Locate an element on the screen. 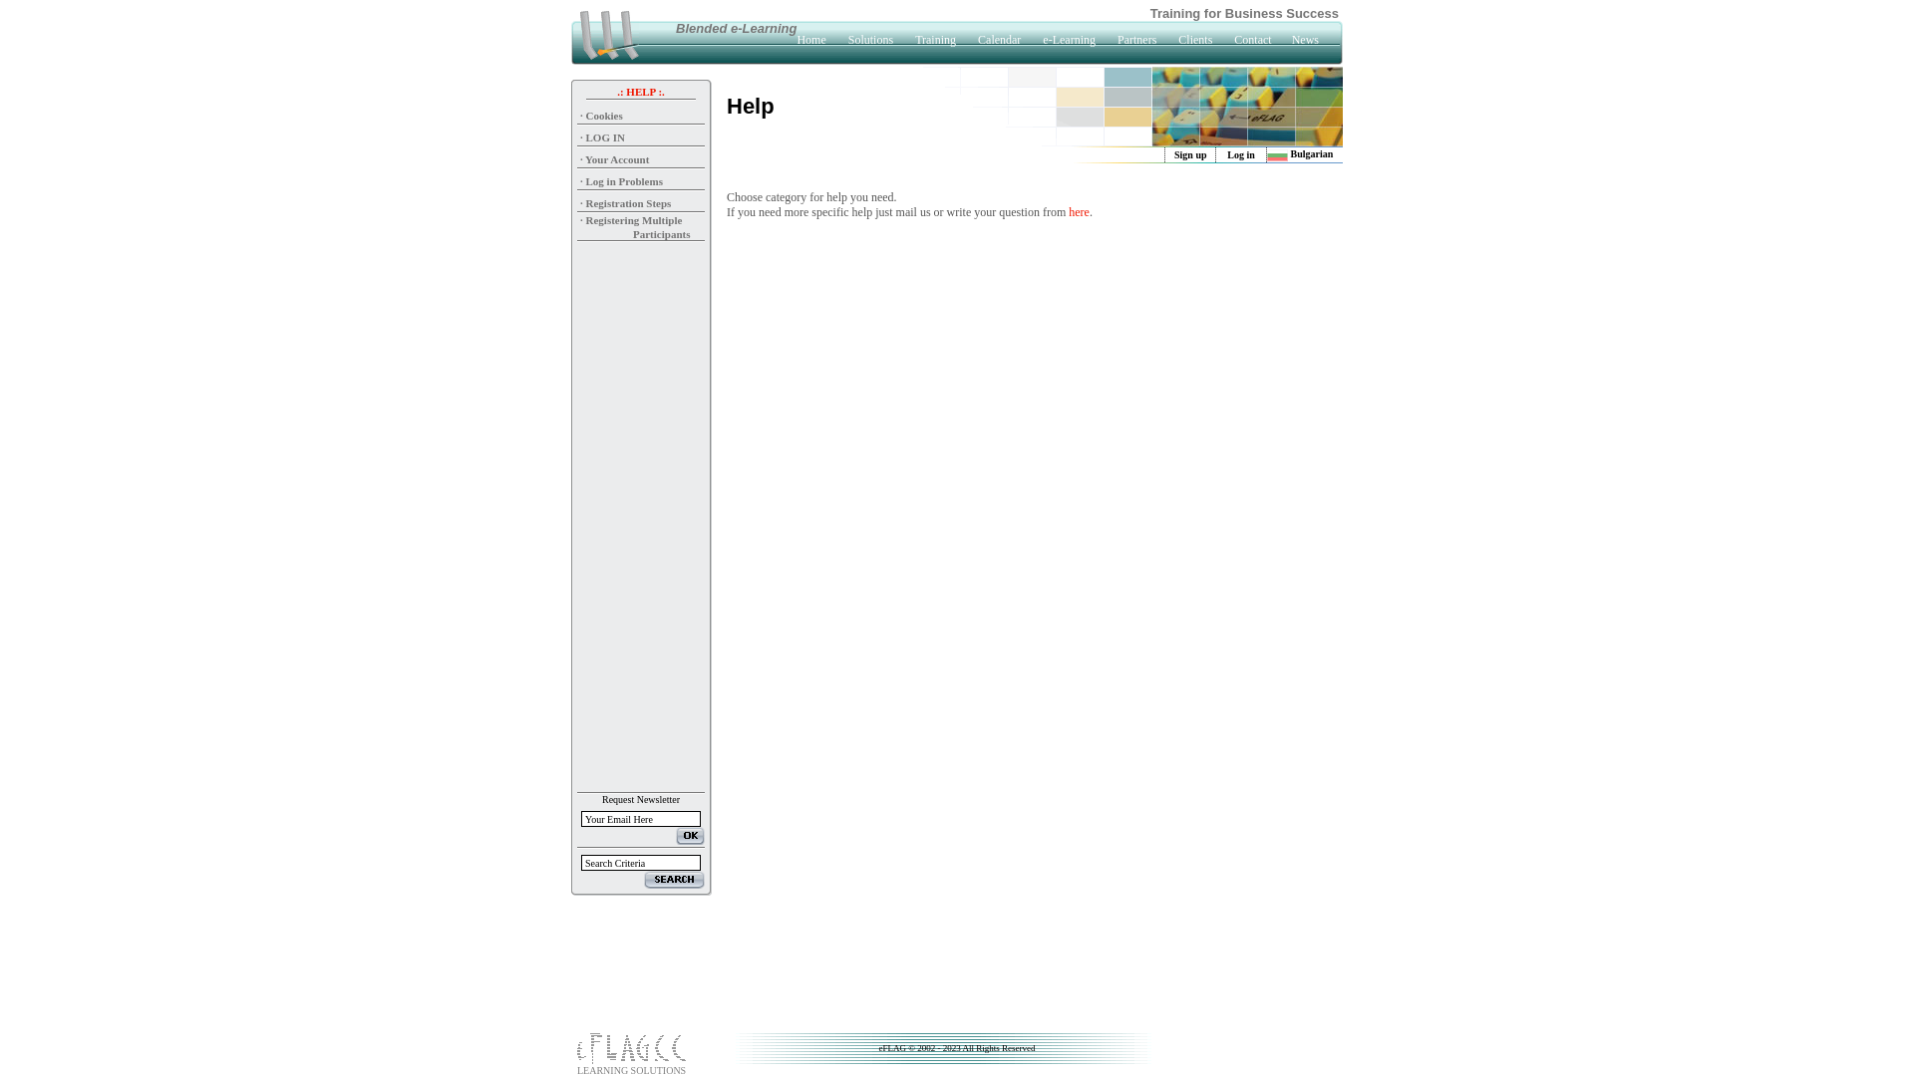  'Home' is located at coordinates (810, 39).